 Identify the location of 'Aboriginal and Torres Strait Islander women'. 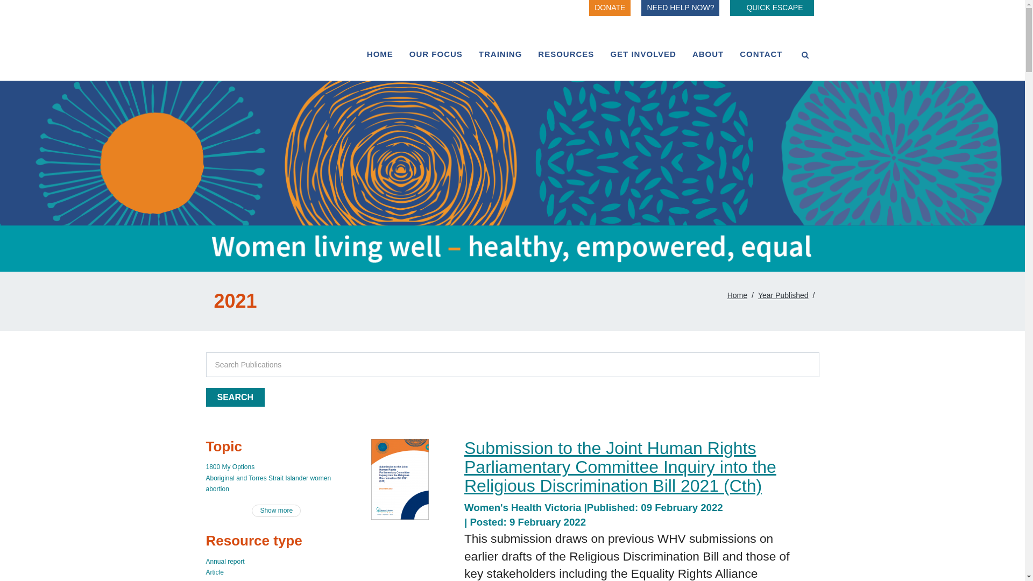
(268, 477).